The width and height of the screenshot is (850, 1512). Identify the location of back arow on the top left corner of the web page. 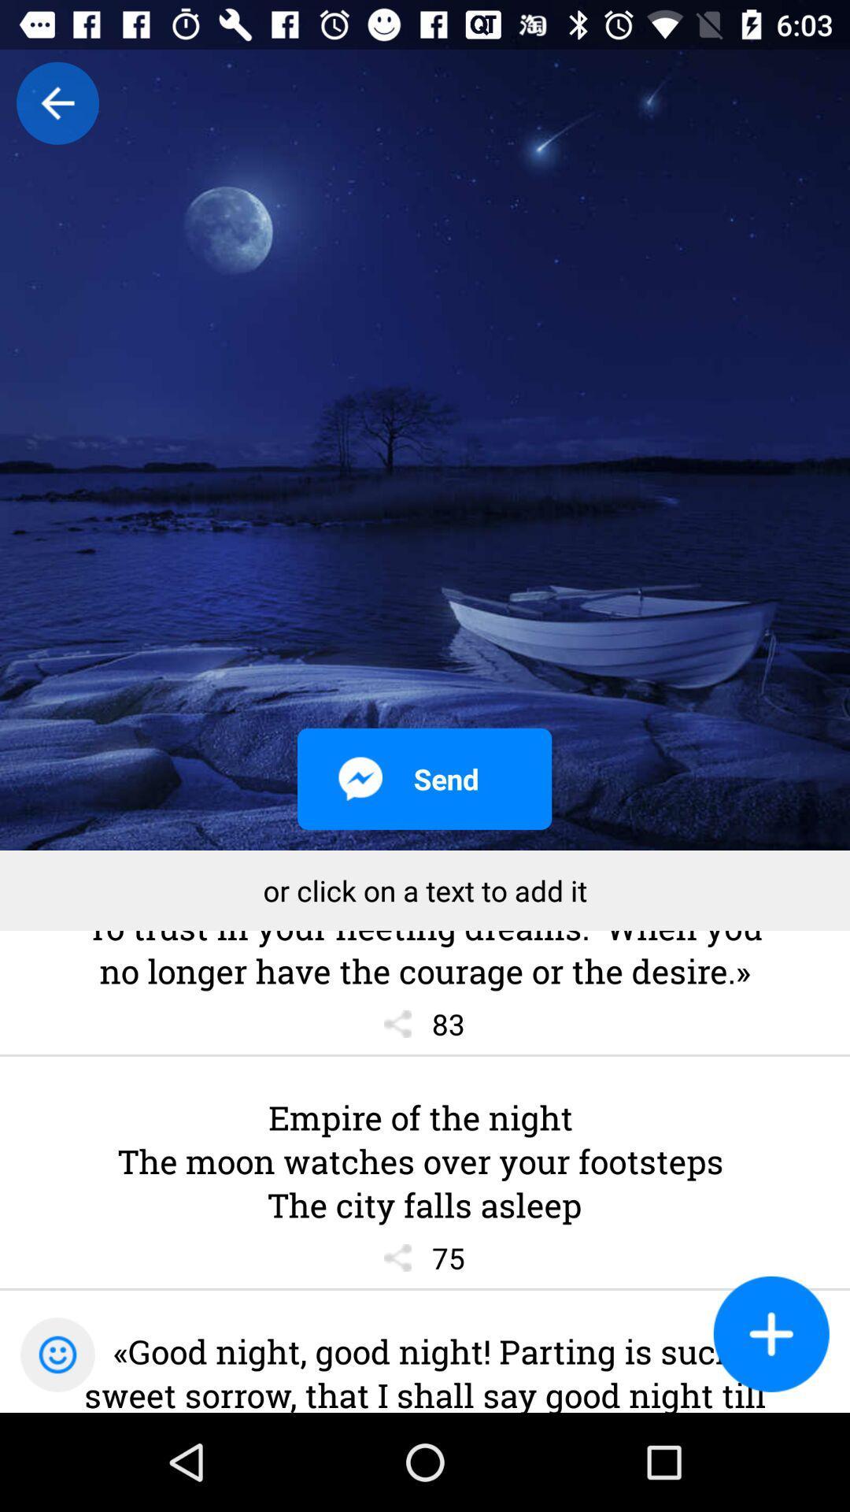
(57, 102).